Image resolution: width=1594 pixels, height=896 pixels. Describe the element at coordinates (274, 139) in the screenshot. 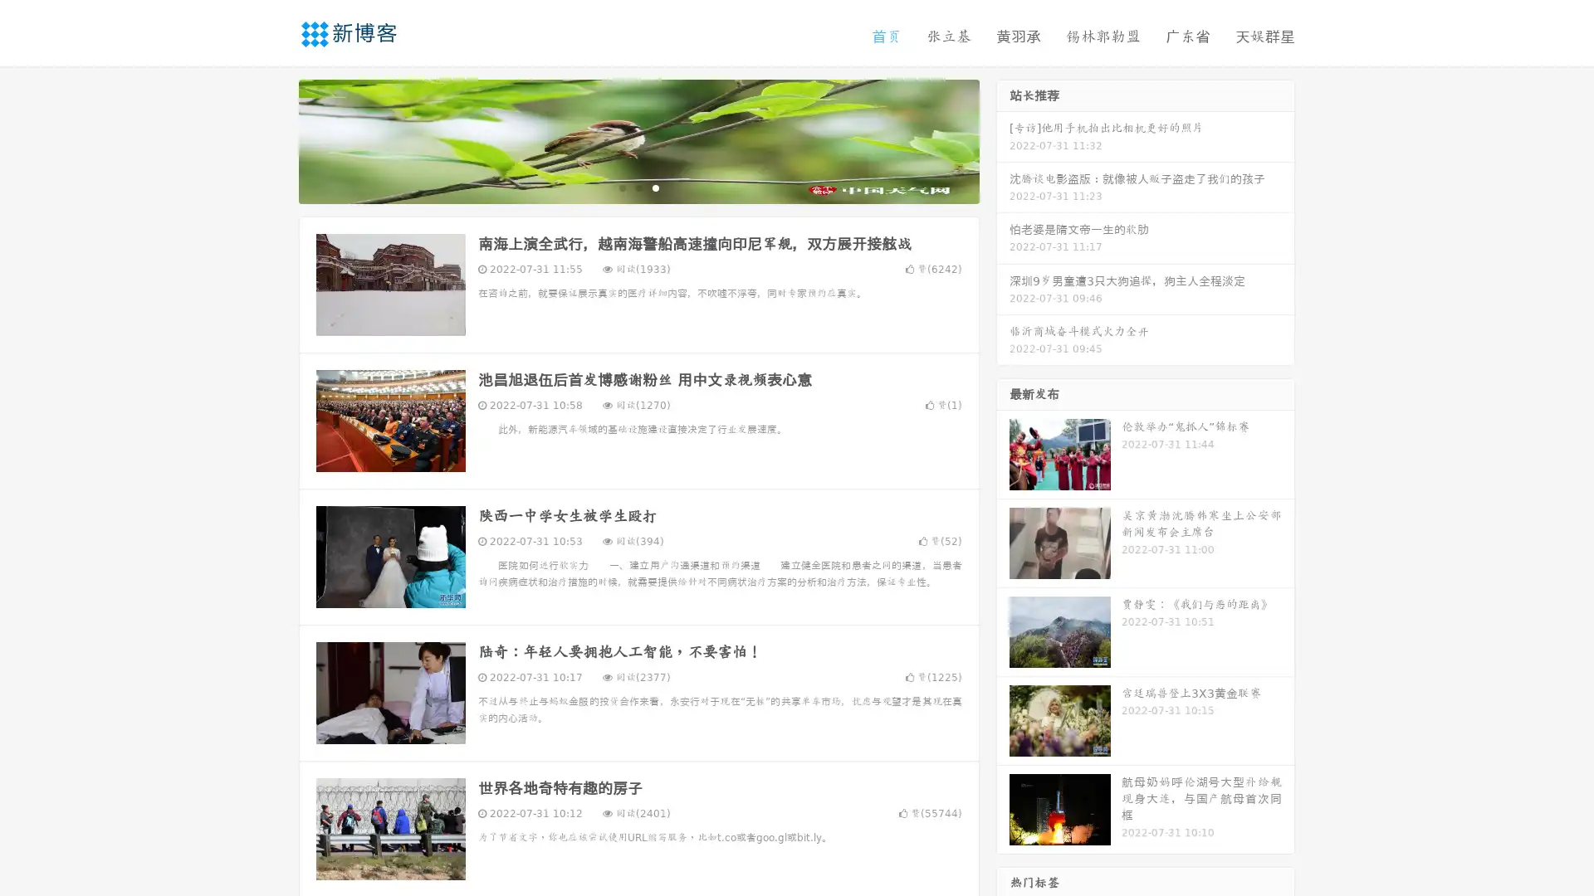

I see `Previous slide` at that location.